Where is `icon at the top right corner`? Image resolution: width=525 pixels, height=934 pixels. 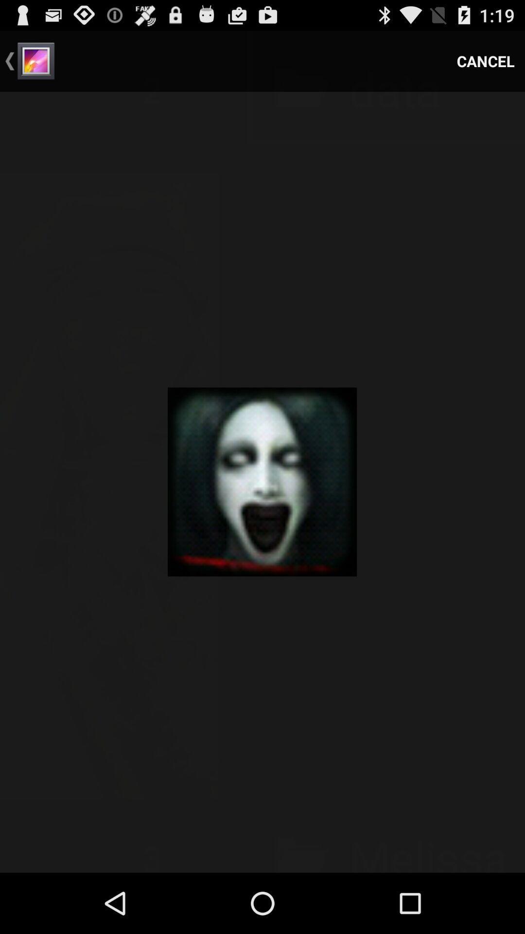
icon at the top right corner is located at coordinates (486, 60).